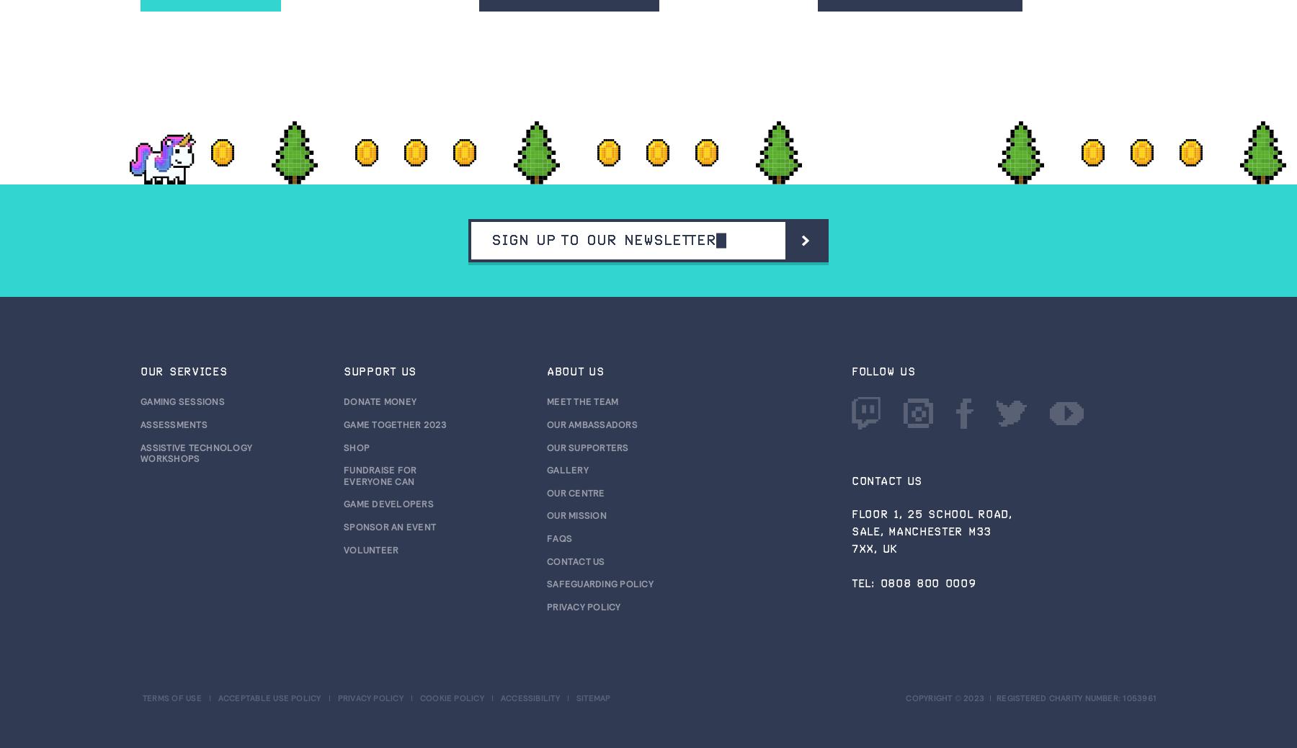 The image size is (1297, 748). Describe the element at coordinates (451, 698) in the screenshot. I see `'Cookie policy'` at that location.